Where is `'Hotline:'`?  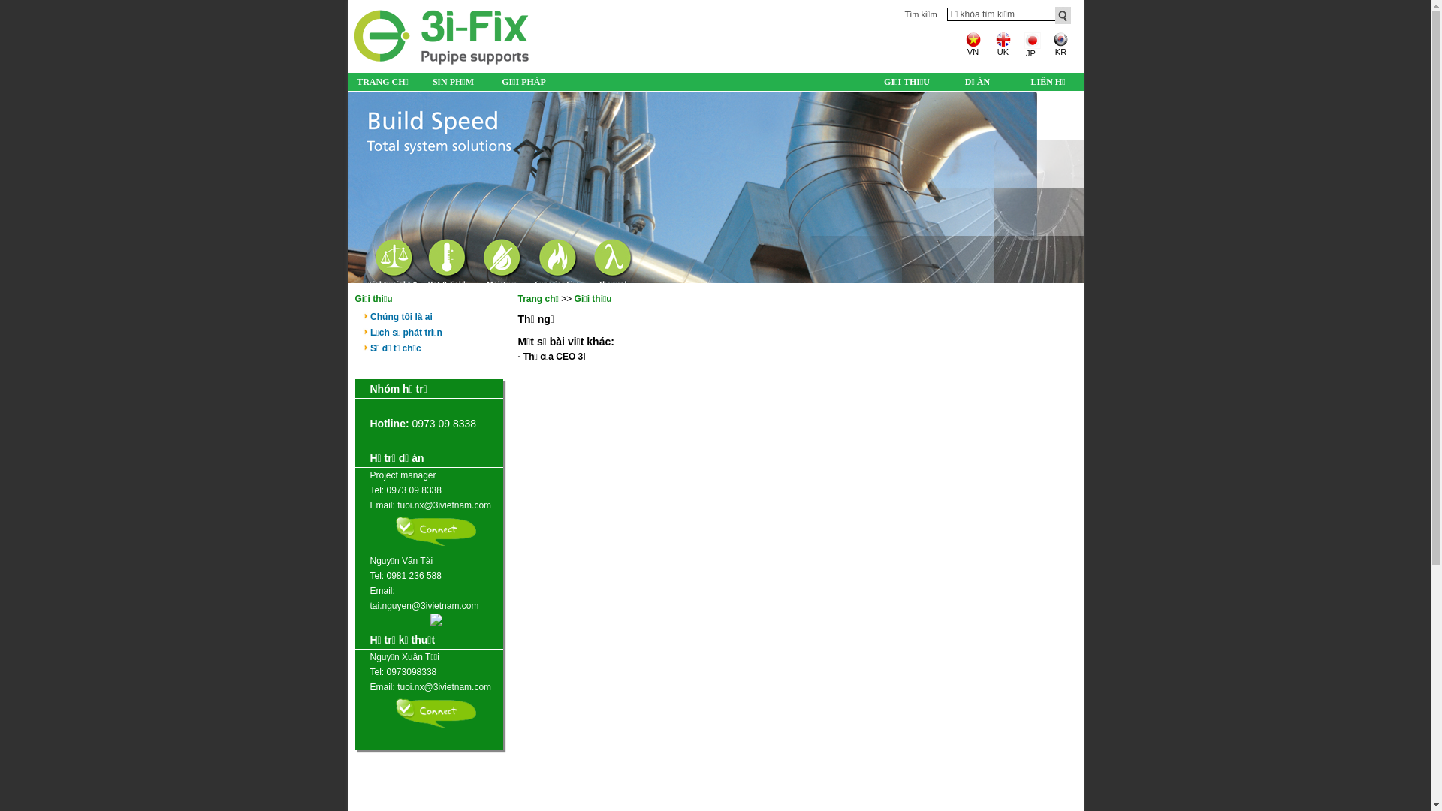
'Hotline:' is located at coordinates (389, 423).